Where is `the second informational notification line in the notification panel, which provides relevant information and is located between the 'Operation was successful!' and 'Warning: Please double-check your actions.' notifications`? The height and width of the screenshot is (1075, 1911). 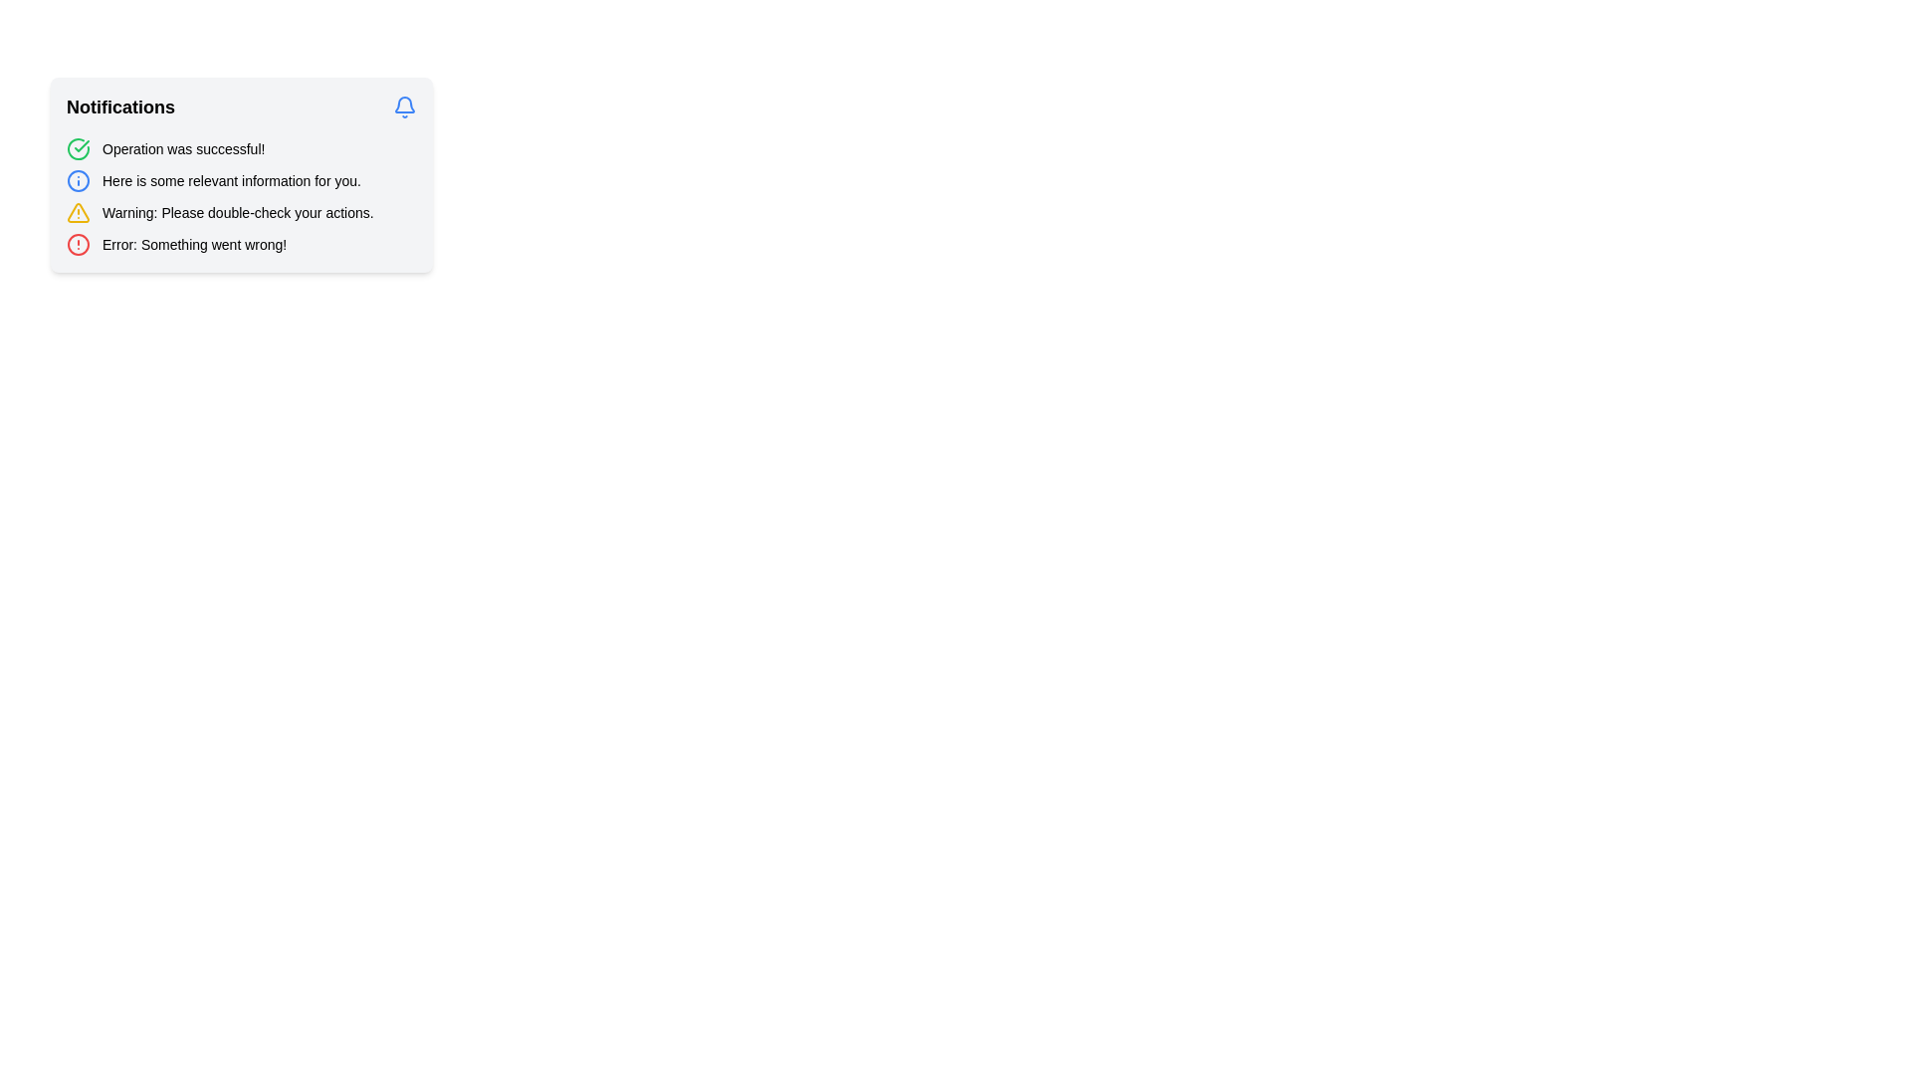 the second informational notification line in the notification panel, which provides relevant information and is located between the 'Operation was successful!' and 'Warning: Please double-check your actions.' notifications is located at coordinates (241, 180).